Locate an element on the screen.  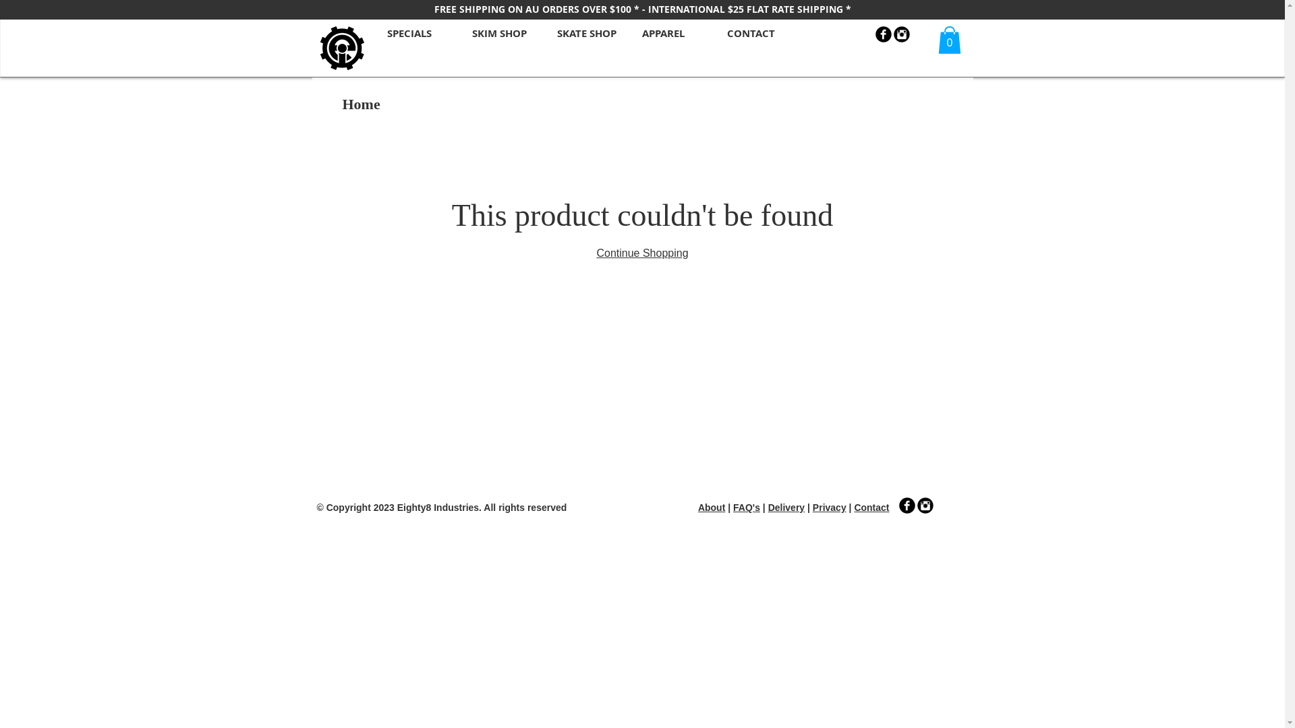
'CONTACT' is located at coordinates (756, 30).